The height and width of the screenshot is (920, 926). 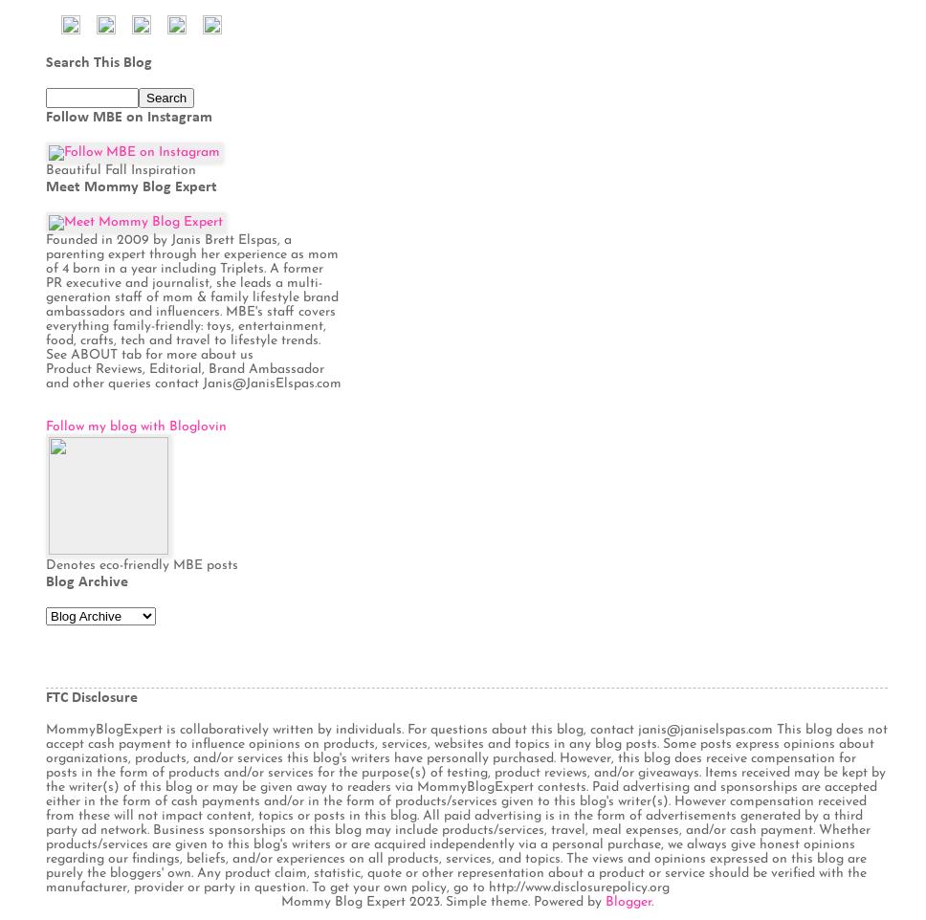 I want to click on 'Meet Mommy Blog Expert', so click(x=130, y=185).